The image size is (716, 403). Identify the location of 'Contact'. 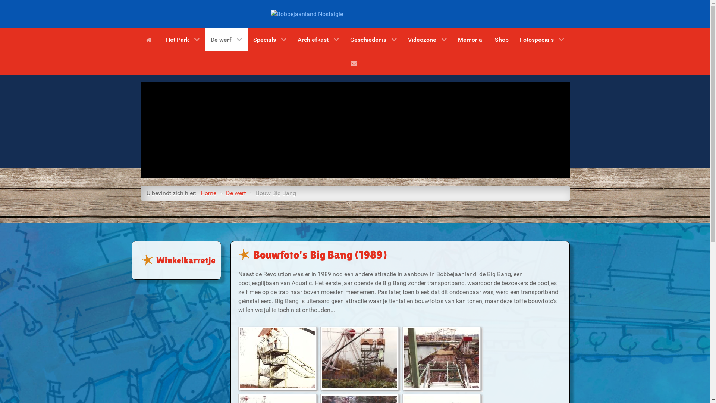
(355, 62).